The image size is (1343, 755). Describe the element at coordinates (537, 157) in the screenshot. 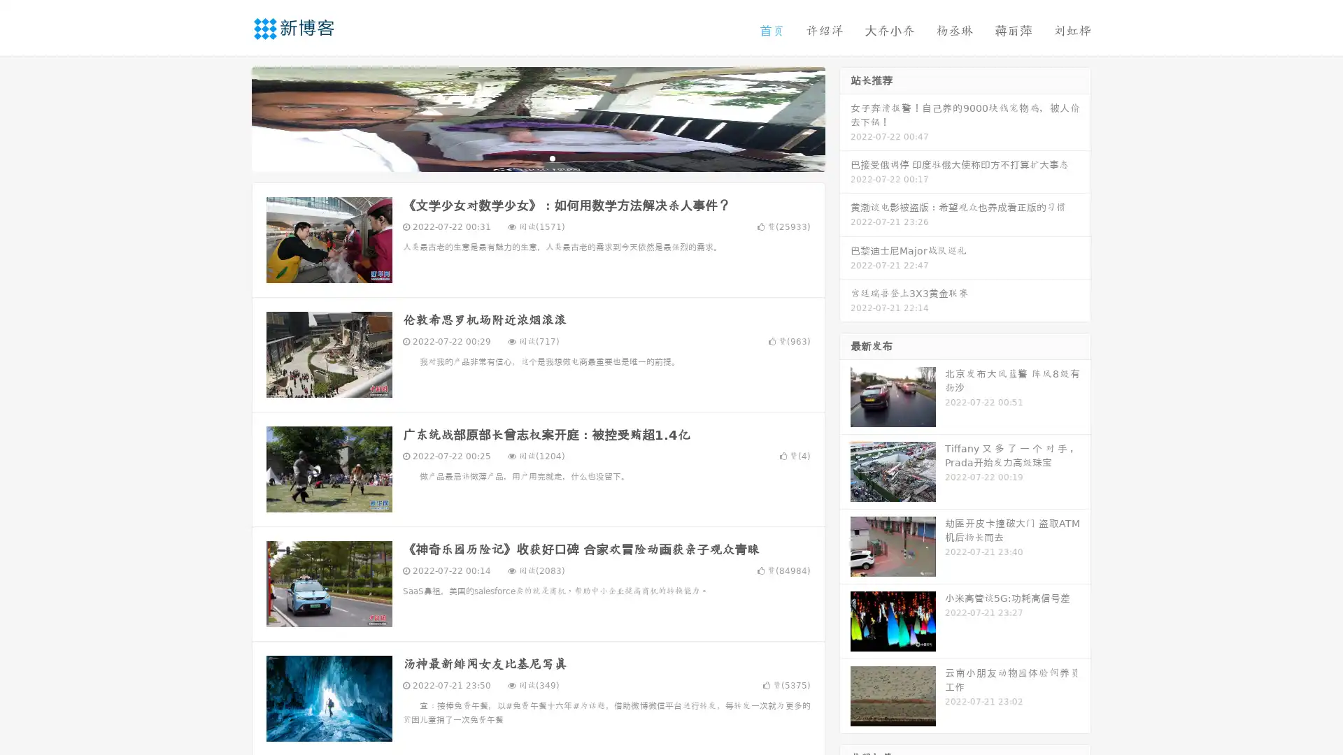

I see `Go to slide 2` at that location.